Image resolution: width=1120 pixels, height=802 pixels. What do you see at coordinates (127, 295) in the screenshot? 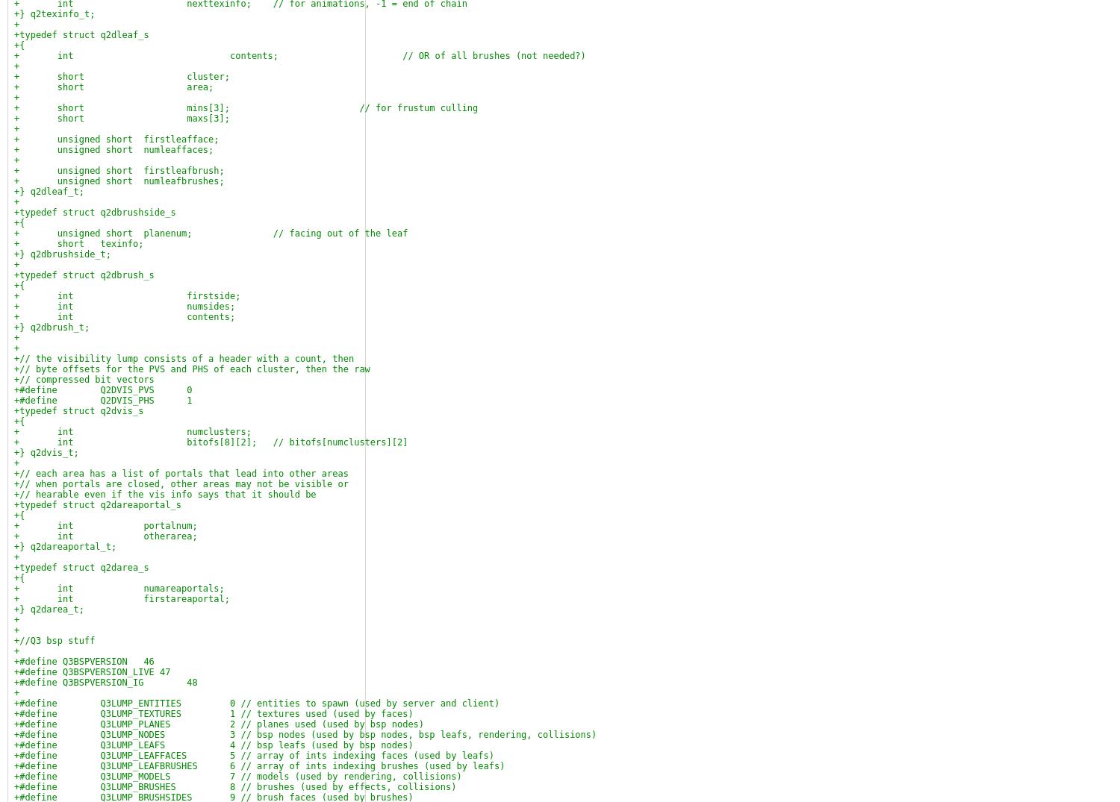
I see `'+       int                     firstside;'` at bounding box center [127, 295].